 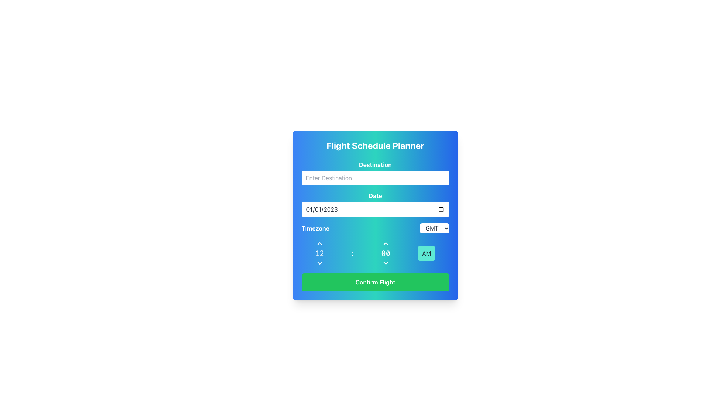 What do you see at coordinates (375, 253) in the screenshot?
I see `the Time Picker element, which displays the current time with hours, minutes, and an AM/PM toggle, located below the 'Timezone' dropdown and above the 'Confirm Flight' button` at bounding box center [375, 253].